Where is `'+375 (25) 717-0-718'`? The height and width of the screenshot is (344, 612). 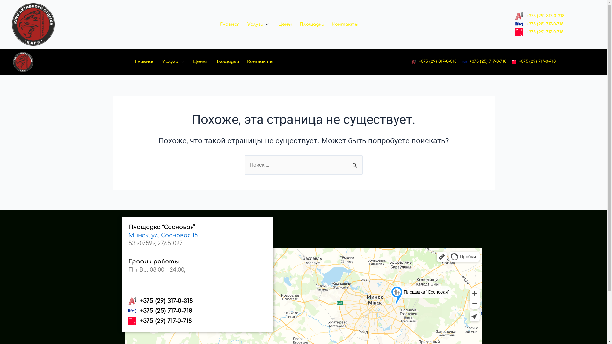
'+375 (25) 717-0-718' is located at coordinates (462, 61).